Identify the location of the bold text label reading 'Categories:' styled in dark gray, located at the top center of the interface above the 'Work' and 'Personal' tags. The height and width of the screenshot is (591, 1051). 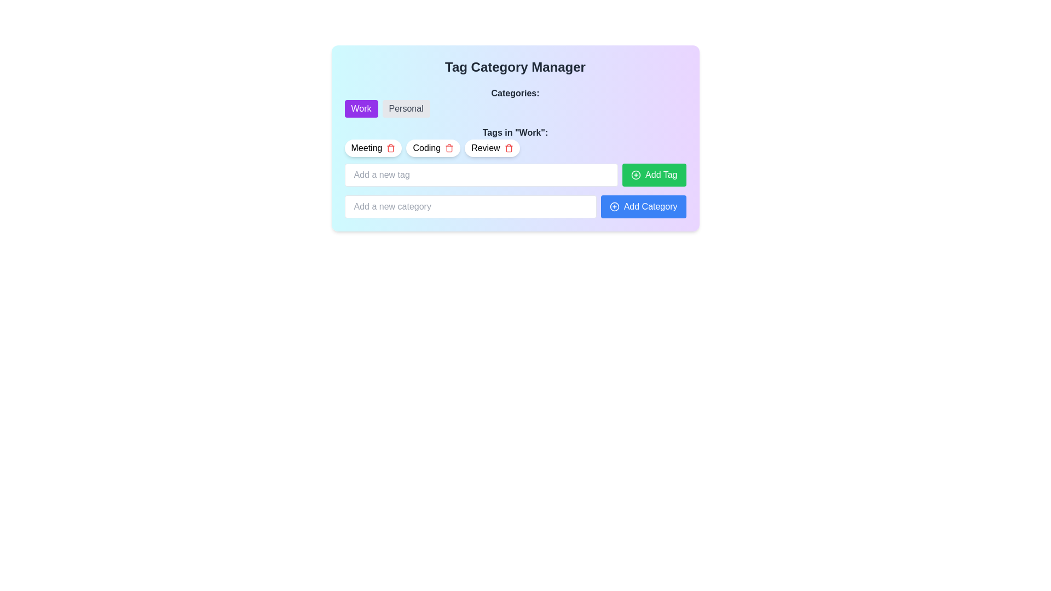
(515, 92).